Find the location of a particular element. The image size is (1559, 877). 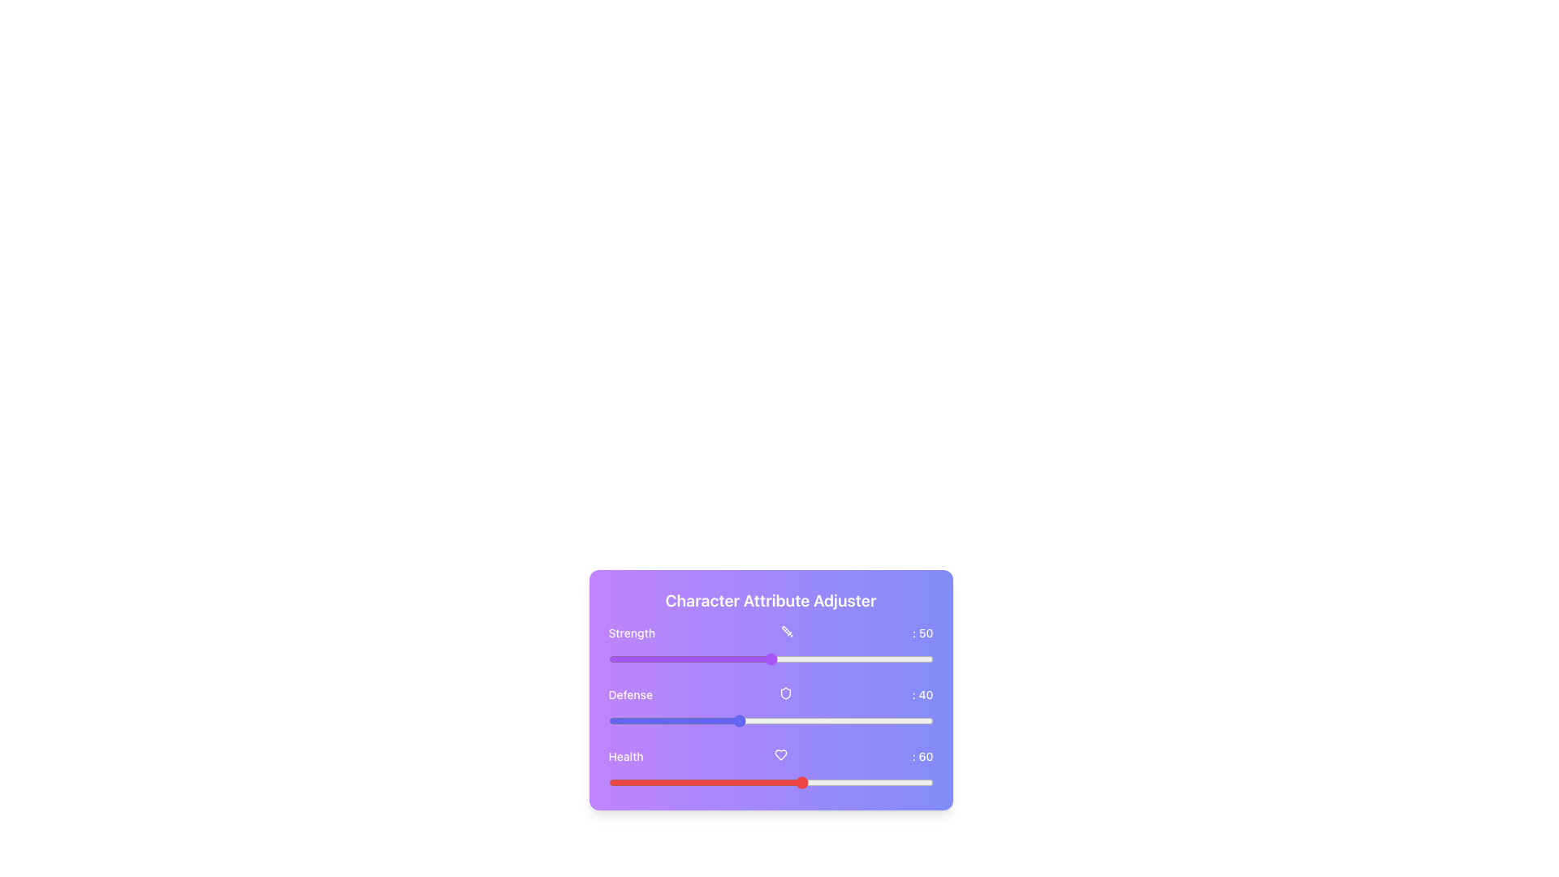

the slider value is located at coordinates (663, 719).